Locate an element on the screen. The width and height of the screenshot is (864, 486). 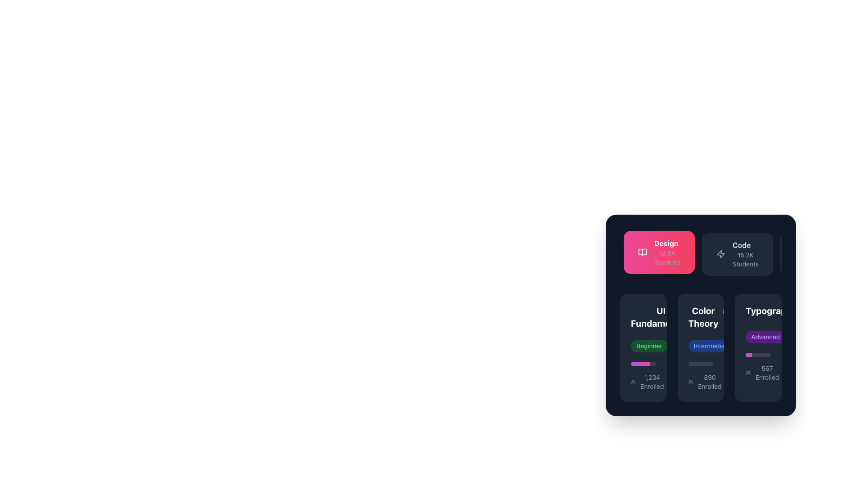
the design of the icon representing the 'Design' course category, which is located centrally within the button labeled 'Design 12.5K Students' is located at coordinates (642, 252).